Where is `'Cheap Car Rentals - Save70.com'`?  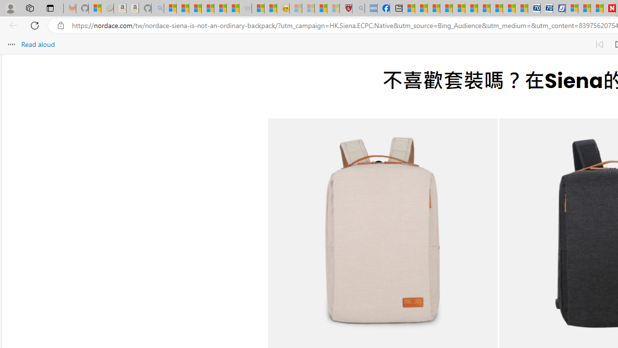
'Cheap Car Rentals - Save70.com' is located at coordinates (534, 8).